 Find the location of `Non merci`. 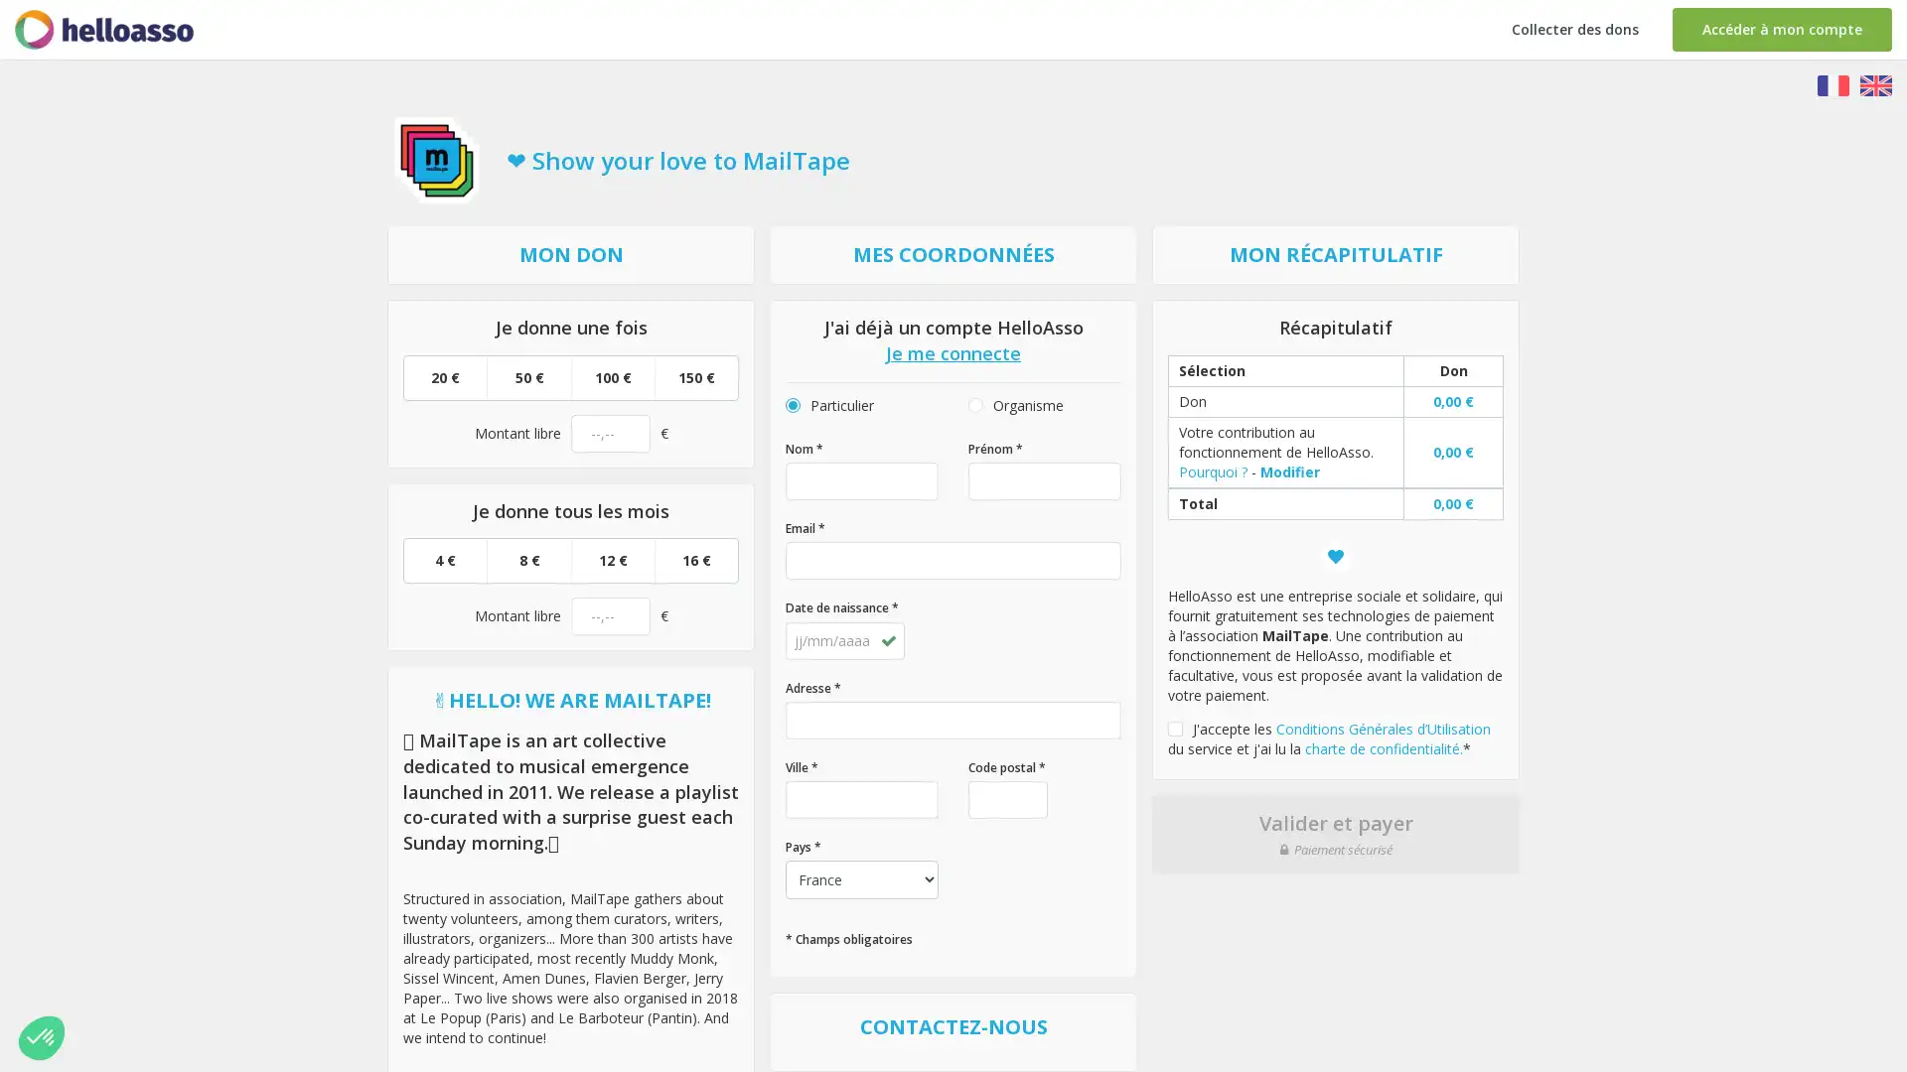

Non merci is located at coordinates (42, 1036).